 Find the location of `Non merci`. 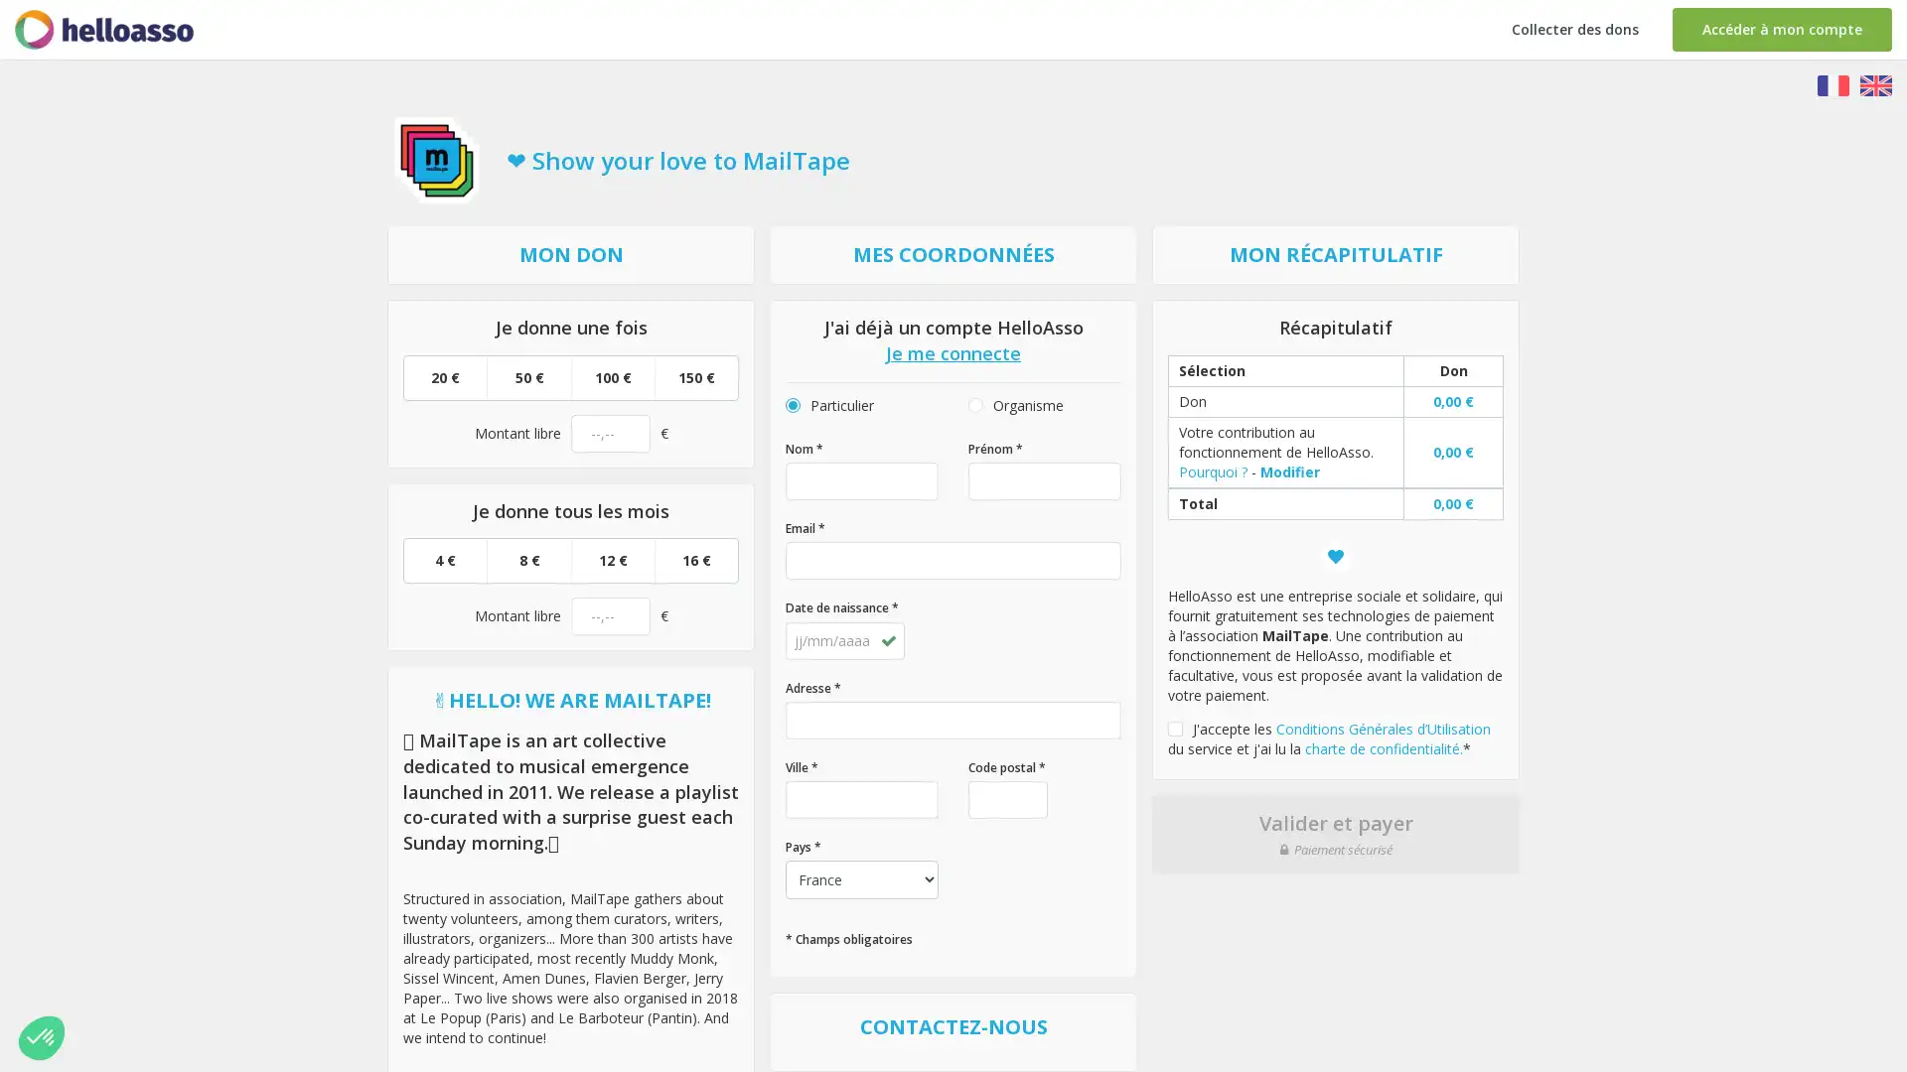

Non merci is located at coordinates (42, 1036).